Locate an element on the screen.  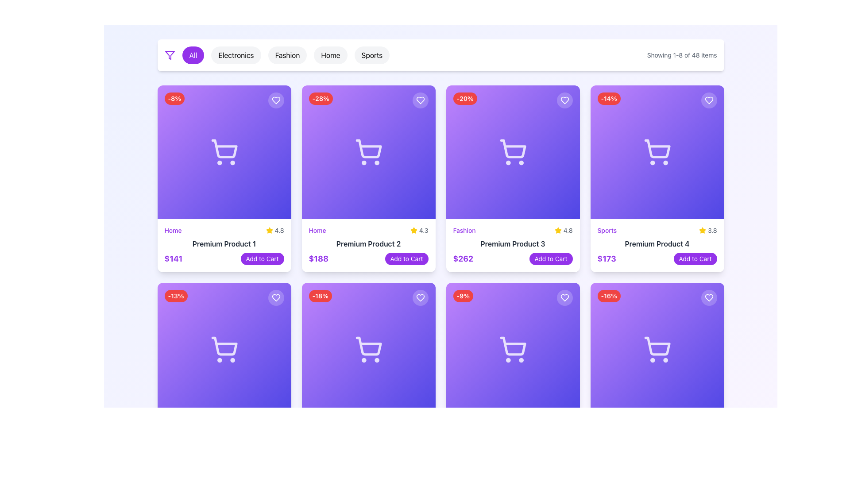
the 'favorite' or 'save' toggle button located in the top-right corner of the product card with a '-9%' label in the grid's second row, fourth column is located at coordinates (564, 297).